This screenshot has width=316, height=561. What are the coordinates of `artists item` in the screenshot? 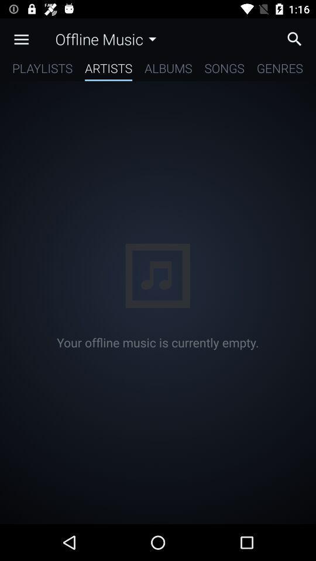 It's located at (108, 70).